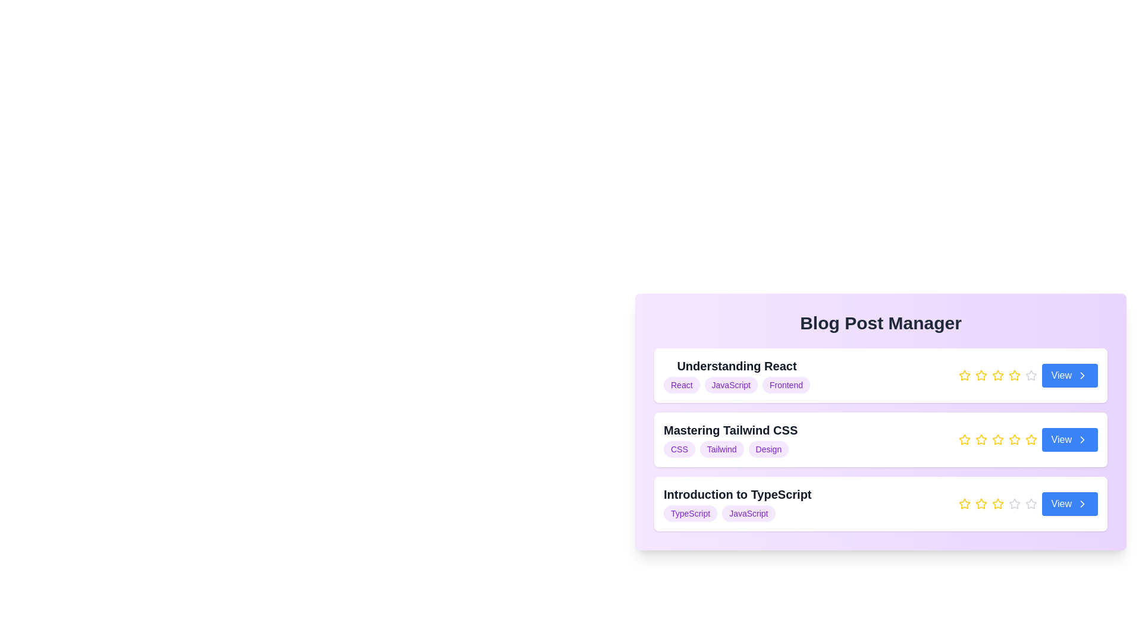  What do you see at coordinates (737, 504) in the screenshot?
I see `title of the blog post displayed in the third card from the top in the 'Blog Post Manager' section, which is centrally positioned near the top of the content block` at bounding box center [737, 504].